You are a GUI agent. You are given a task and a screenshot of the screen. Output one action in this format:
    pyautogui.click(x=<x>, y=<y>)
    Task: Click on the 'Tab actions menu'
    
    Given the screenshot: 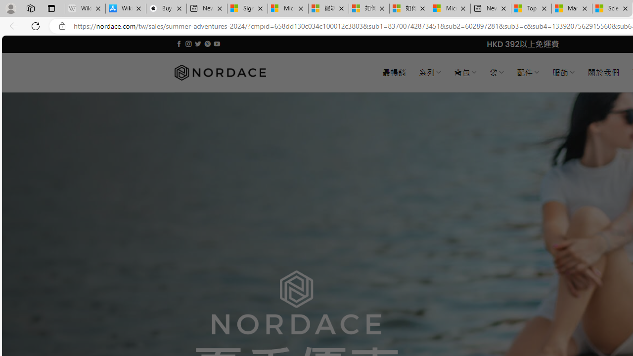 What is the action you would take?
    pyautogui.click(x=51, y=8)
    